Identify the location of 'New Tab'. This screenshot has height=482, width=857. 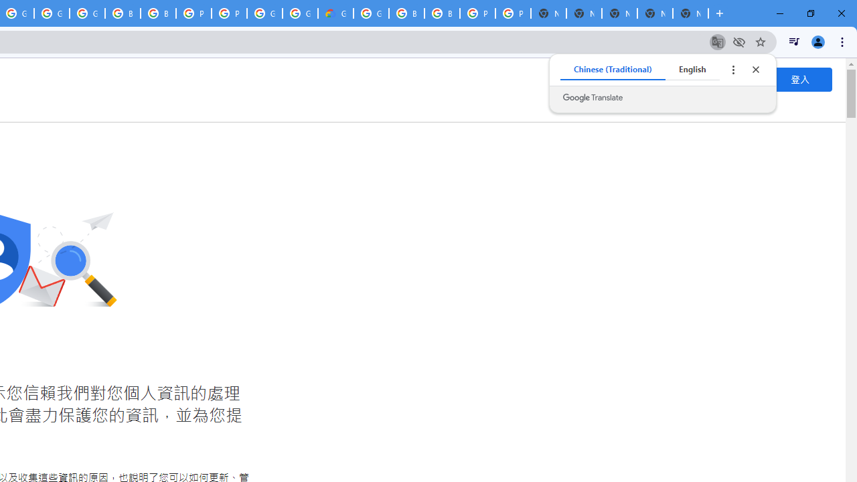
(690, 13).